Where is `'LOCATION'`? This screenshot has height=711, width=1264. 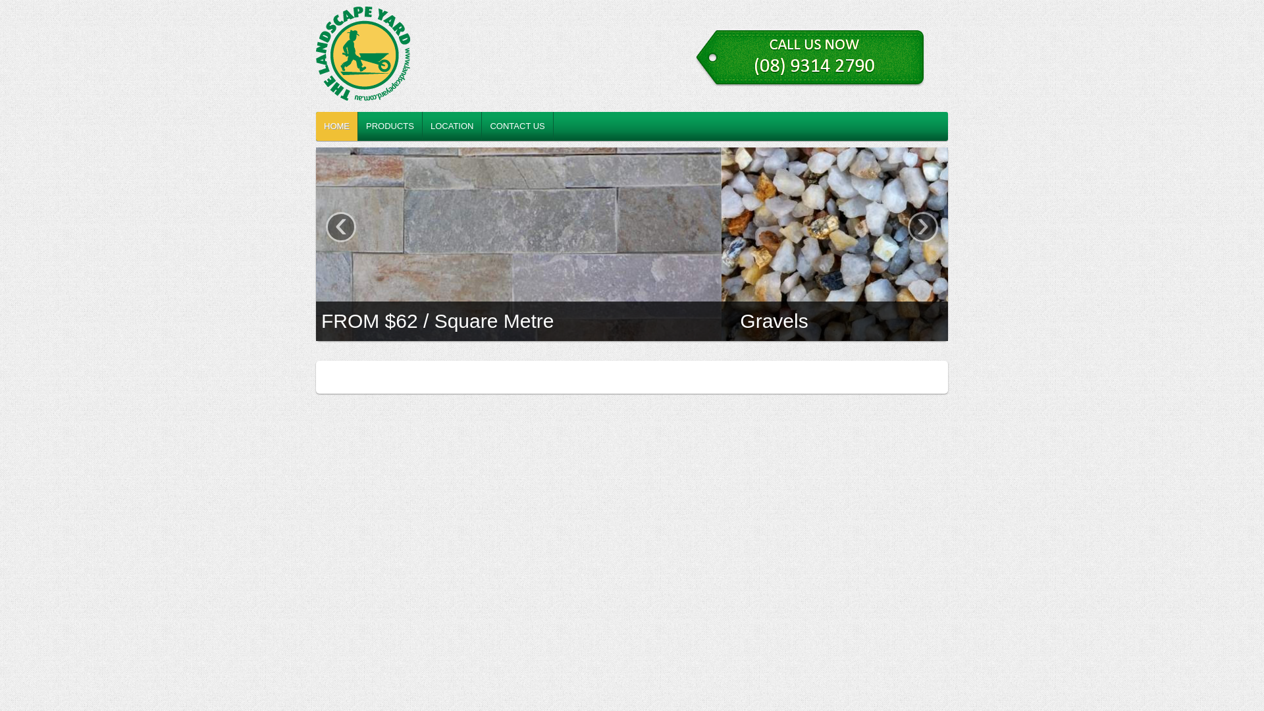
'LOCATION' is located at coordinates (452, 126).